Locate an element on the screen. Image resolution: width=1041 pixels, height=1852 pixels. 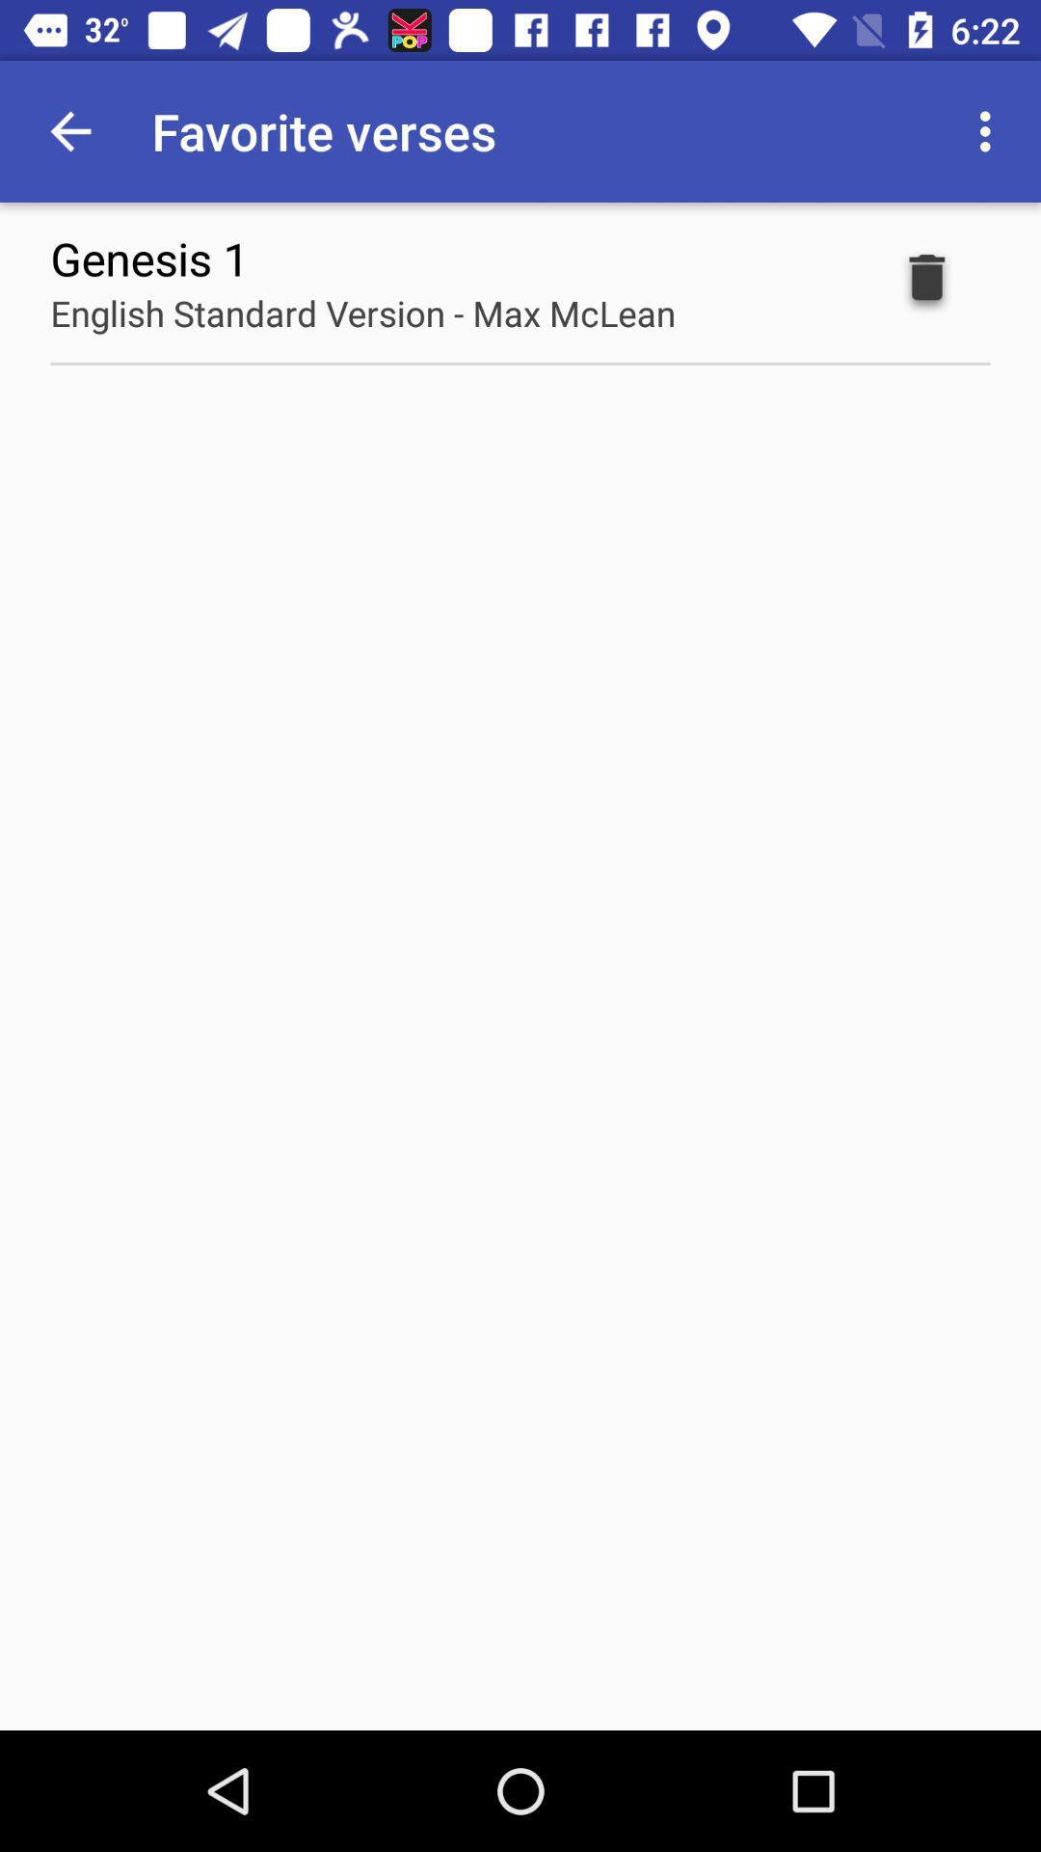
item at the top is located at coordinates (362, 313).